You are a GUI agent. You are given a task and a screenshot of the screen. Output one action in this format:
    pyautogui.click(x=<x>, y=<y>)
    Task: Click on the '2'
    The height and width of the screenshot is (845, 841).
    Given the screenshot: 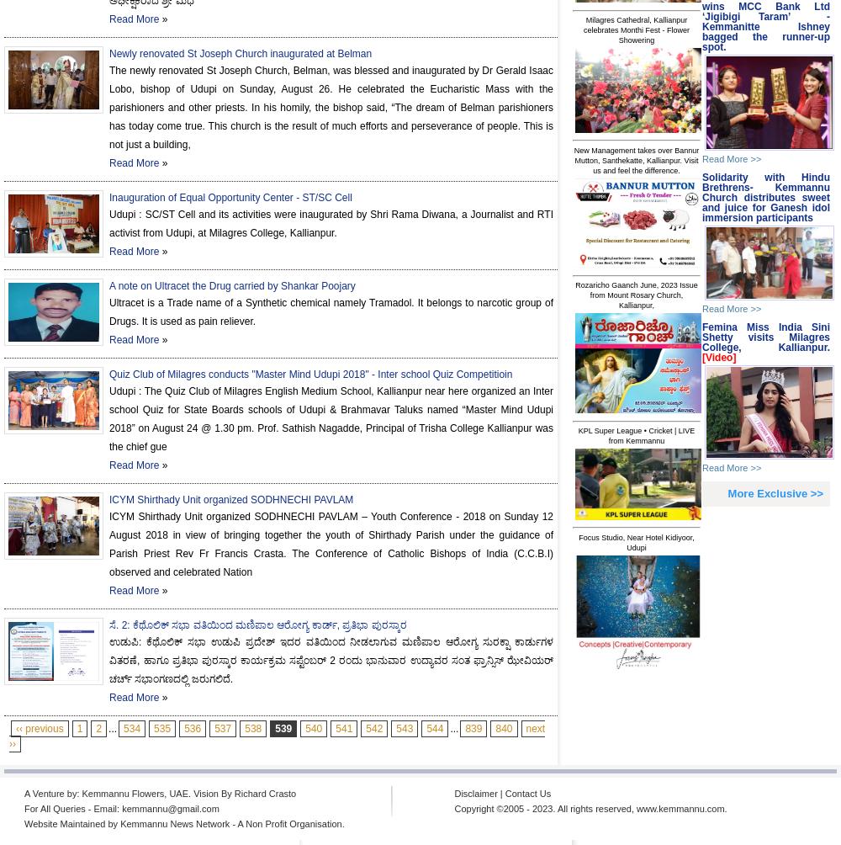 What is the action you would take?
    pyautogui.click(x=98, y=728)
    